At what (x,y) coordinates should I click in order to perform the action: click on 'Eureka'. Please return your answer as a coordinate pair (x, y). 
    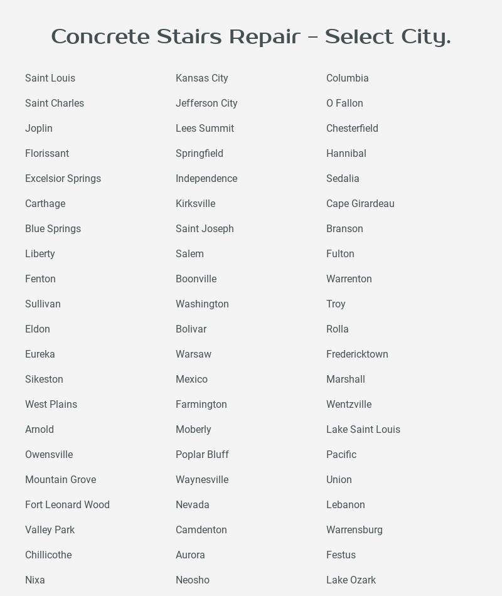
    Looking at the image, I should click on (24, 354).